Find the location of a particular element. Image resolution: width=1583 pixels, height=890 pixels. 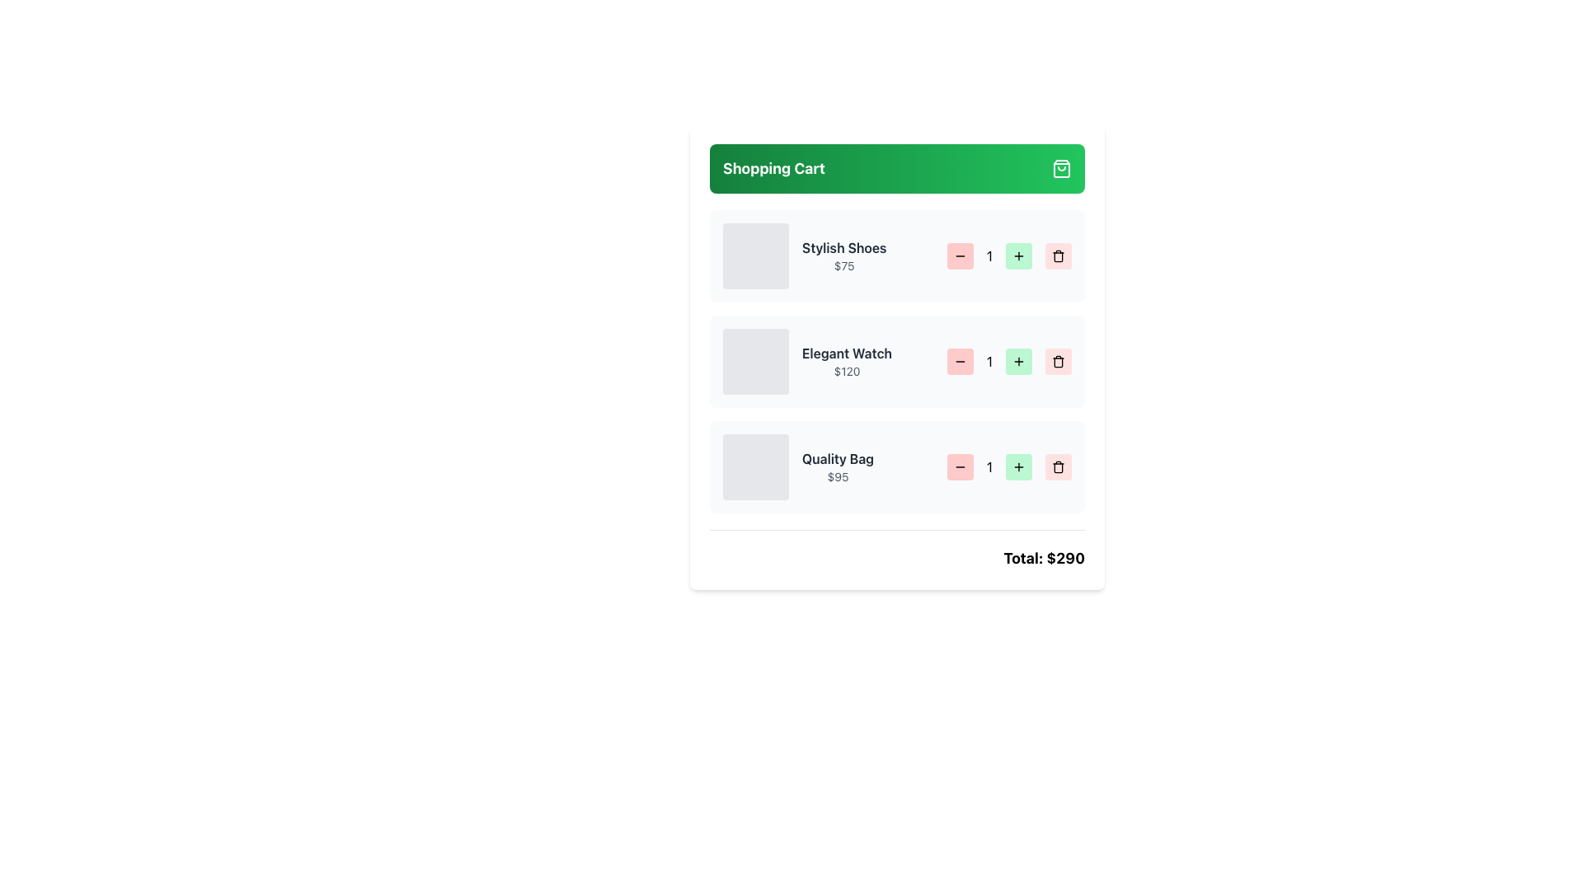

the text label displaying the product name and price in the third row of the shopping cart list item is located at coordinates (838, 467).